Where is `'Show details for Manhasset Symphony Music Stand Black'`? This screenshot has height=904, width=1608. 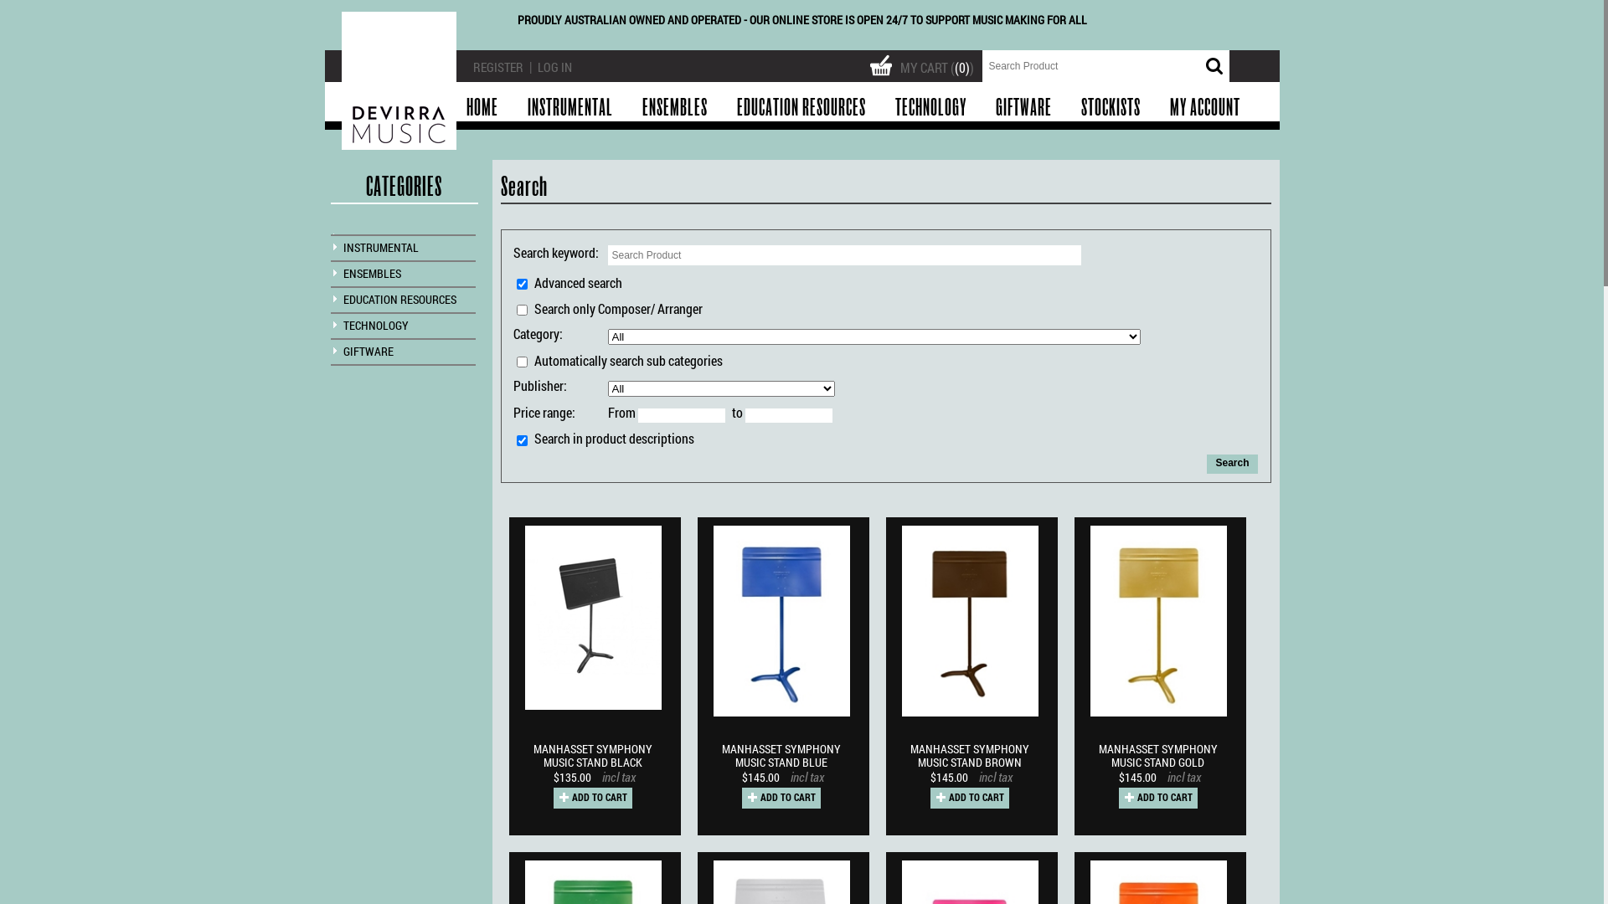
'Show details for Manhasset Symphony Music Stand Black' is located at coordinates (593, 617).